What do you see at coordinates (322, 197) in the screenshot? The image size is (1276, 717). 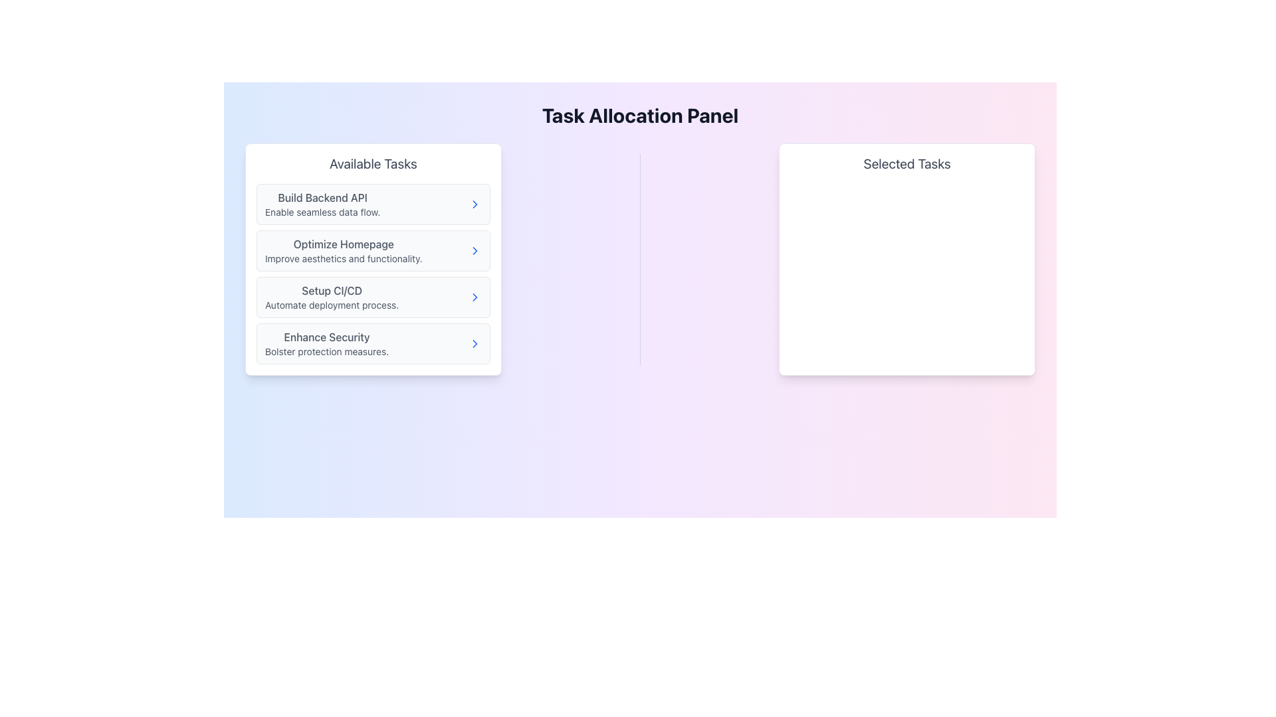 I see `the text label 'Build Backend API' located in the 'Available Tasks' section` at bounding box center [322, 197].